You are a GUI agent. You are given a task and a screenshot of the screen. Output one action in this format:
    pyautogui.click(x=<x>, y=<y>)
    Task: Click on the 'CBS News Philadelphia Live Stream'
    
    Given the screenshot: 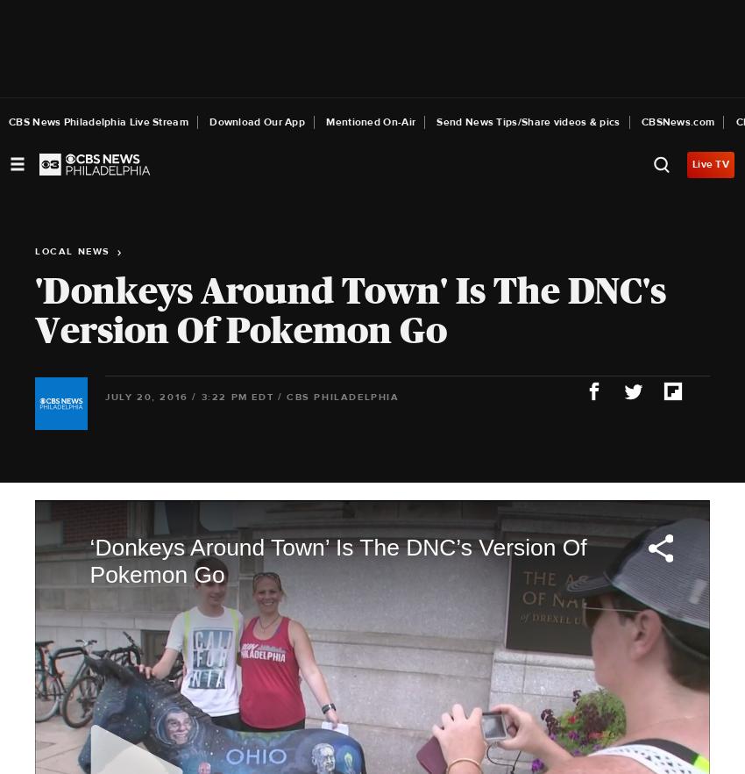 What is the action you would take?
    pyautogui.click(x=97, y=122)
    